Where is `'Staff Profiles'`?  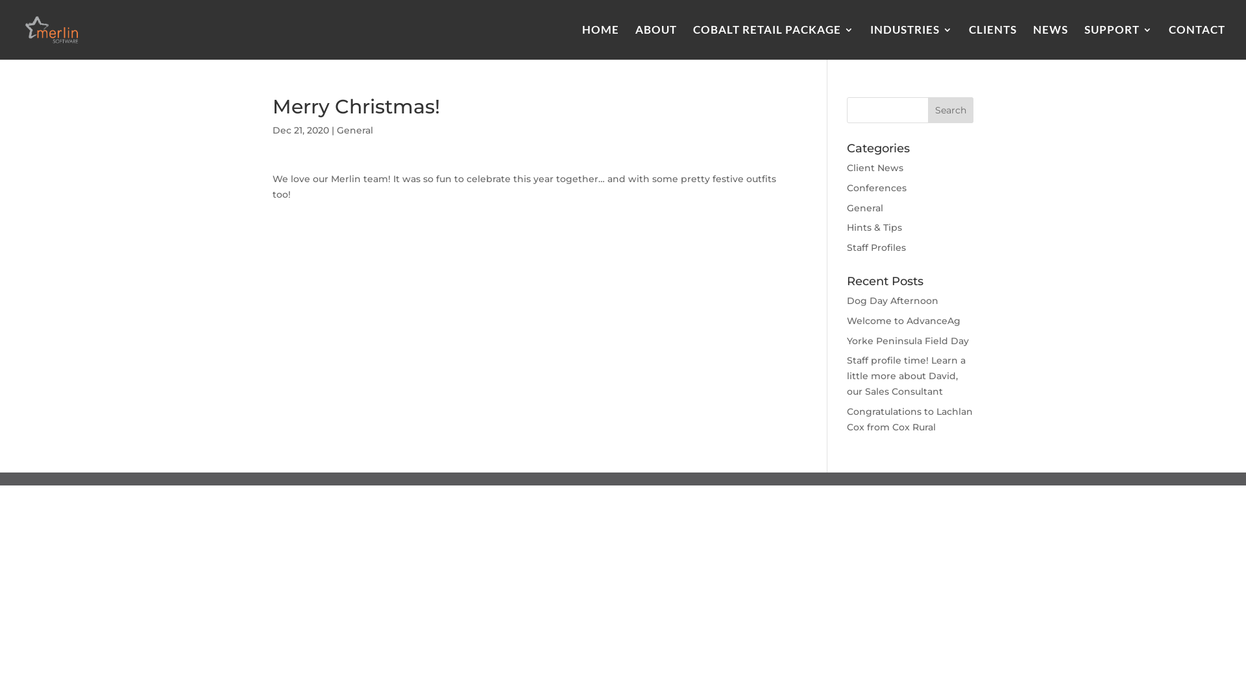
'Staff Profiles' is located at coordinates (876, 247).